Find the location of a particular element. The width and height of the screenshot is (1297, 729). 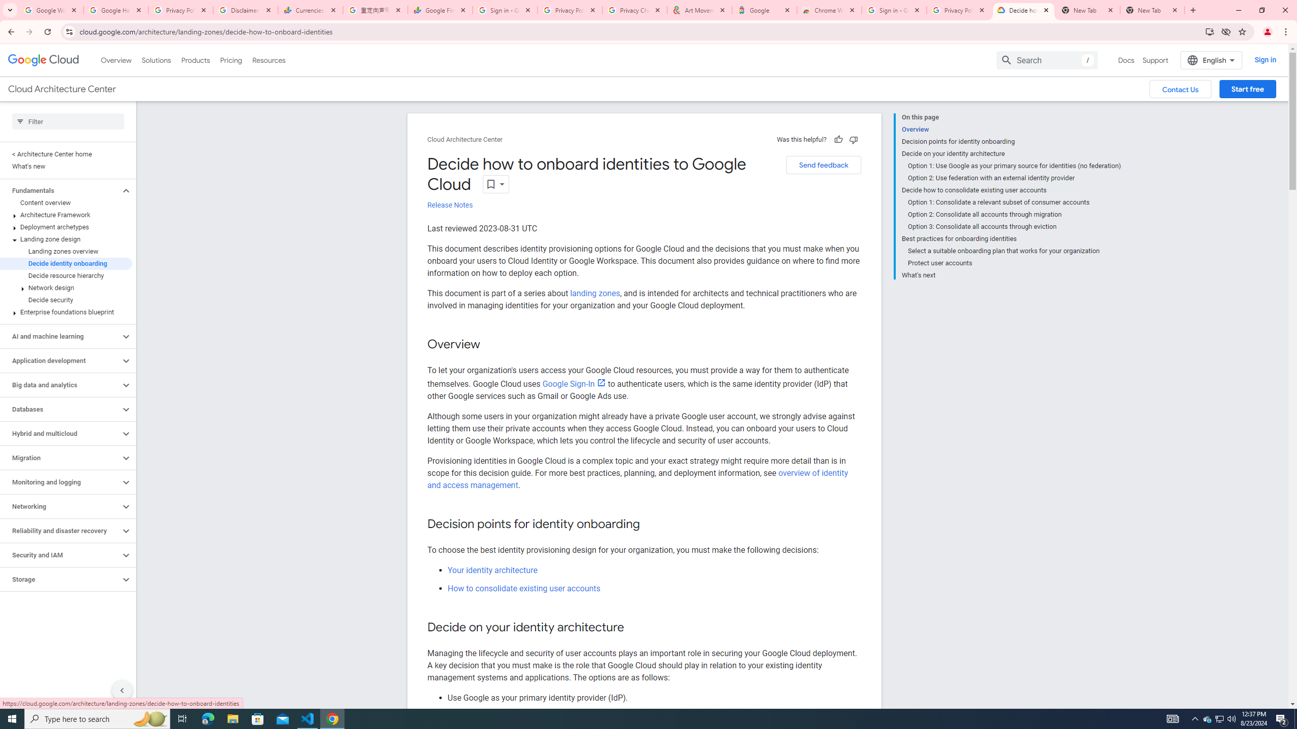

'What' is located at coordinates (66, 167).